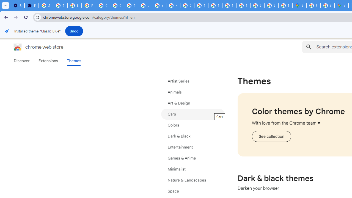  I want to click on 'Animals', so click(193, 92).